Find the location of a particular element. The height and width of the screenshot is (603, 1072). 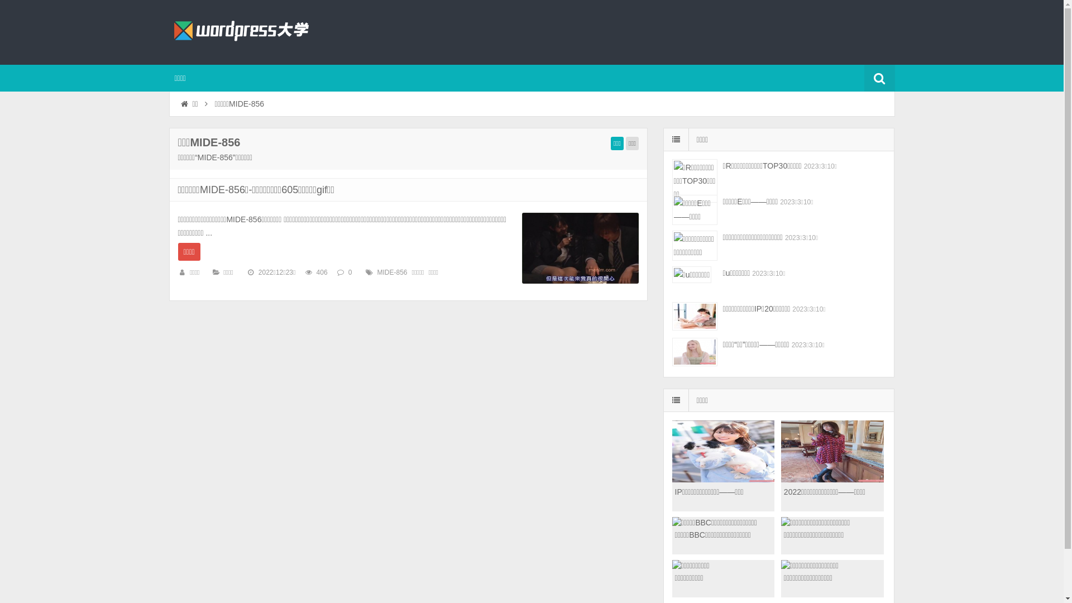

'MIDE-856' is located at coordinates (392, 272).